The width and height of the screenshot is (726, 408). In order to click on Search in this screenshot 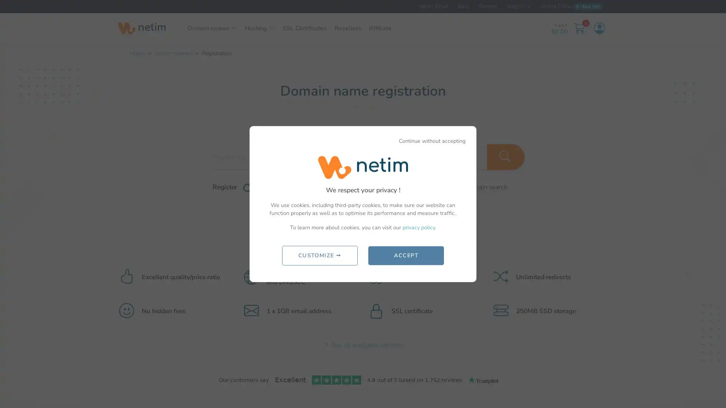, I will do `click(506, 156)`.